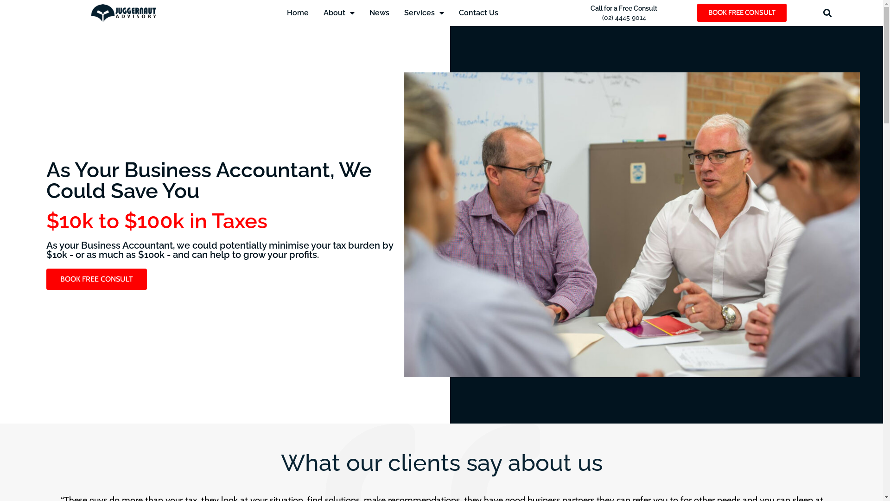  Describe the element at coordinates (478, 13) in the screenshot. I see `'Contact Us'` at that location.